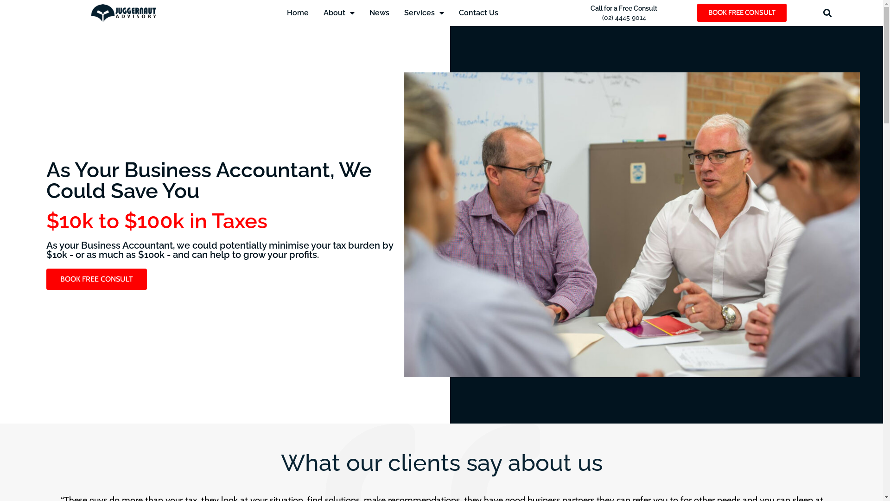  Describe the element at coordinates (478, 13) in the screenshot. I see `'Contact Us'` at that location.